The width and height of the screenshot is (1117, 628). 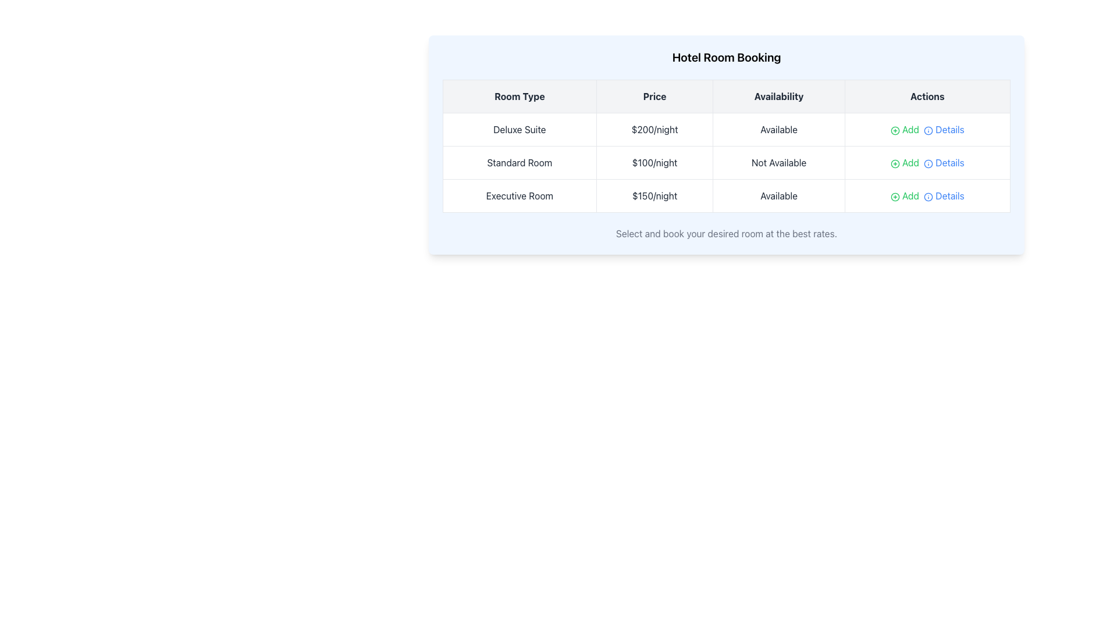 What do you see at coordinates (894, 130) in the screenshot?
I see `the 'Add' button icon in the 'Actions' column of the table for the 'Deluxe Suite'` at bounding box center [894, 130].